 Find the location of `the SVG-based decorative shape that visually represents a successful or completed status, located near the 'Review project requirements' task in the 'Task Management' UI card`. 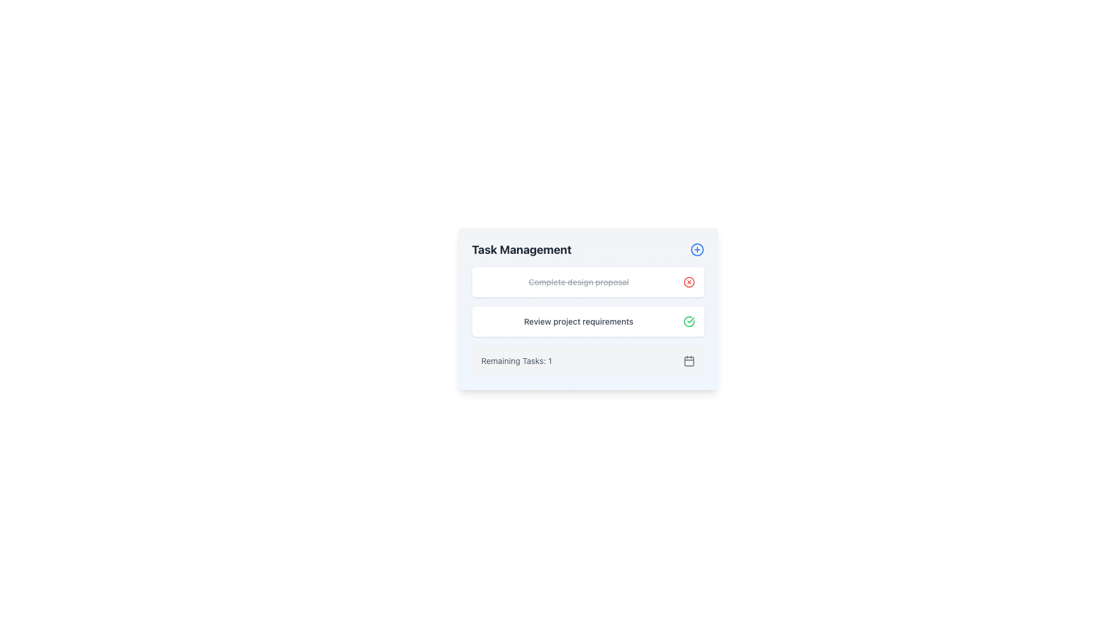

the SVG-based decorative shape that visually represents a successful or completed status, located near the 'Review project requirements' task in the 'Task Management' UI card is located at coordinates (689, 322).